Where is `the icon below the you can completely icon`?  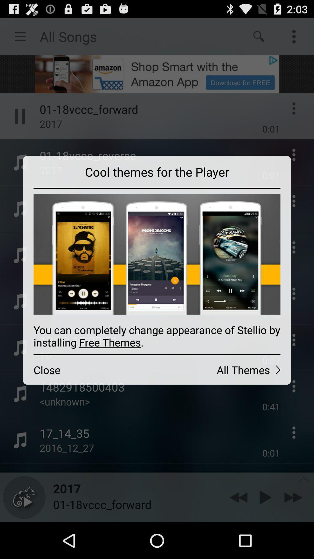 the icon below the you can completely icon is located at coordinates (90, 369).